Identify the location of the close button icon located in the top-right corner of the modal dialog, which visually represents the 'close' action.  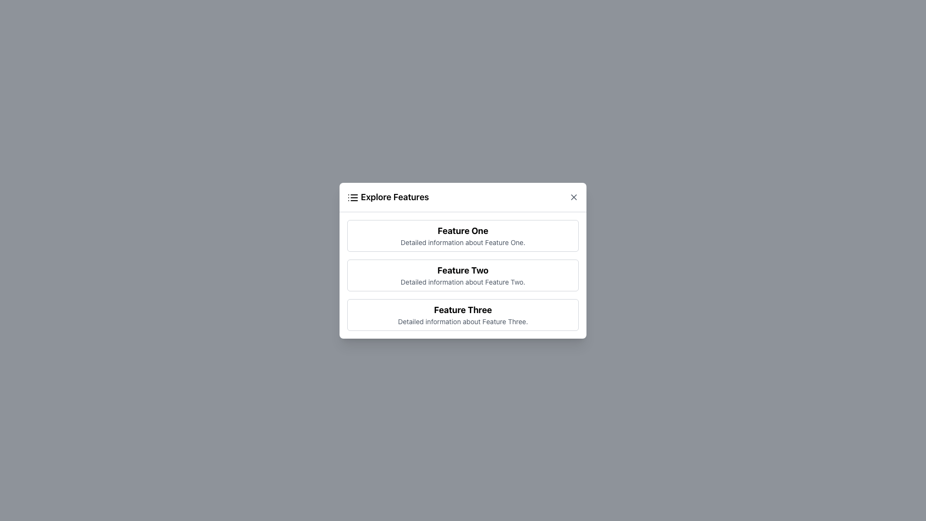
(574, 196).